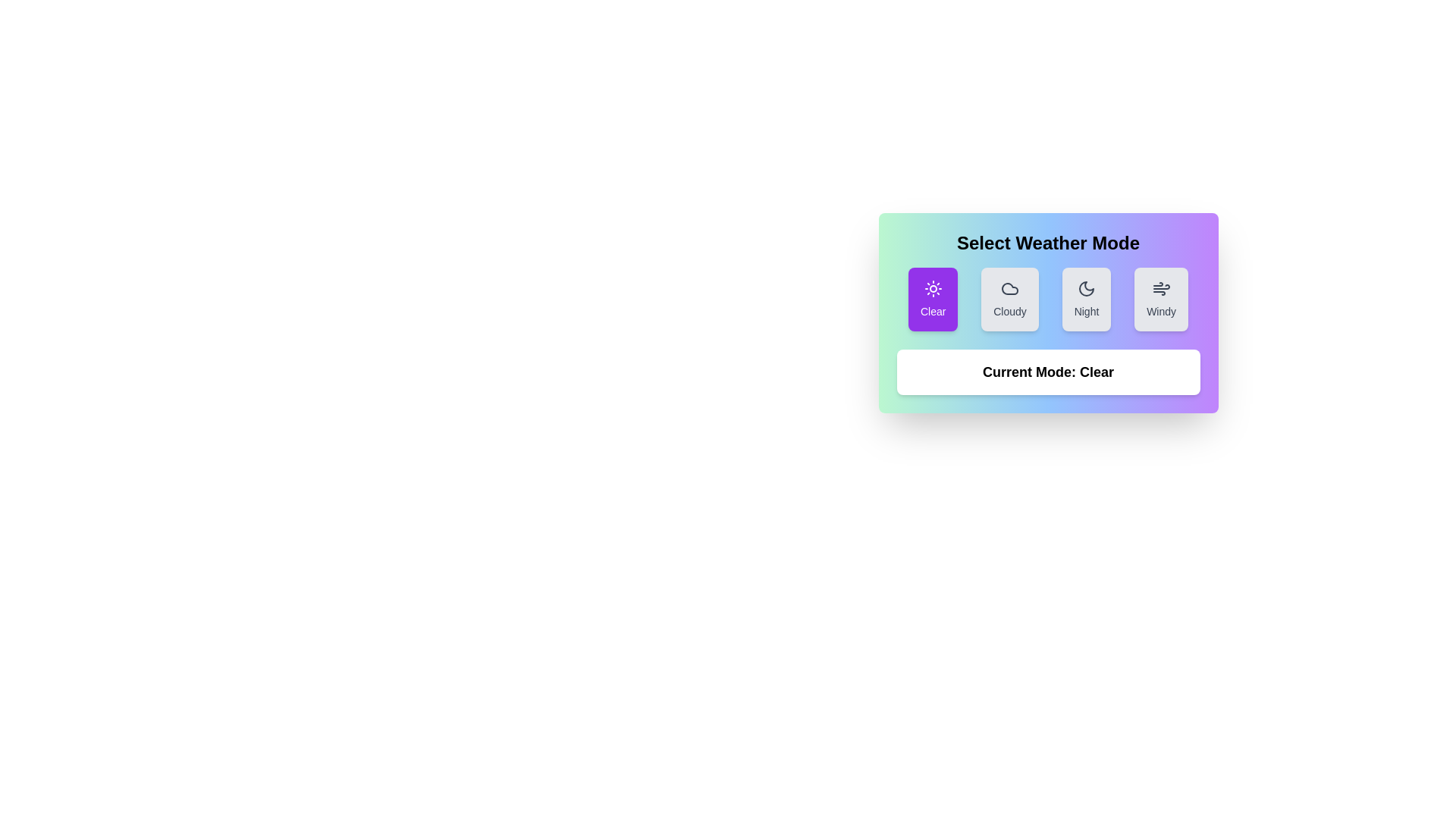 This screenshot has width=1456, height=819. Describe the element at coordinates (1085, 289) in the screenshot. I see `the crescent moon icon representing the 'Night' mode option` at that location.